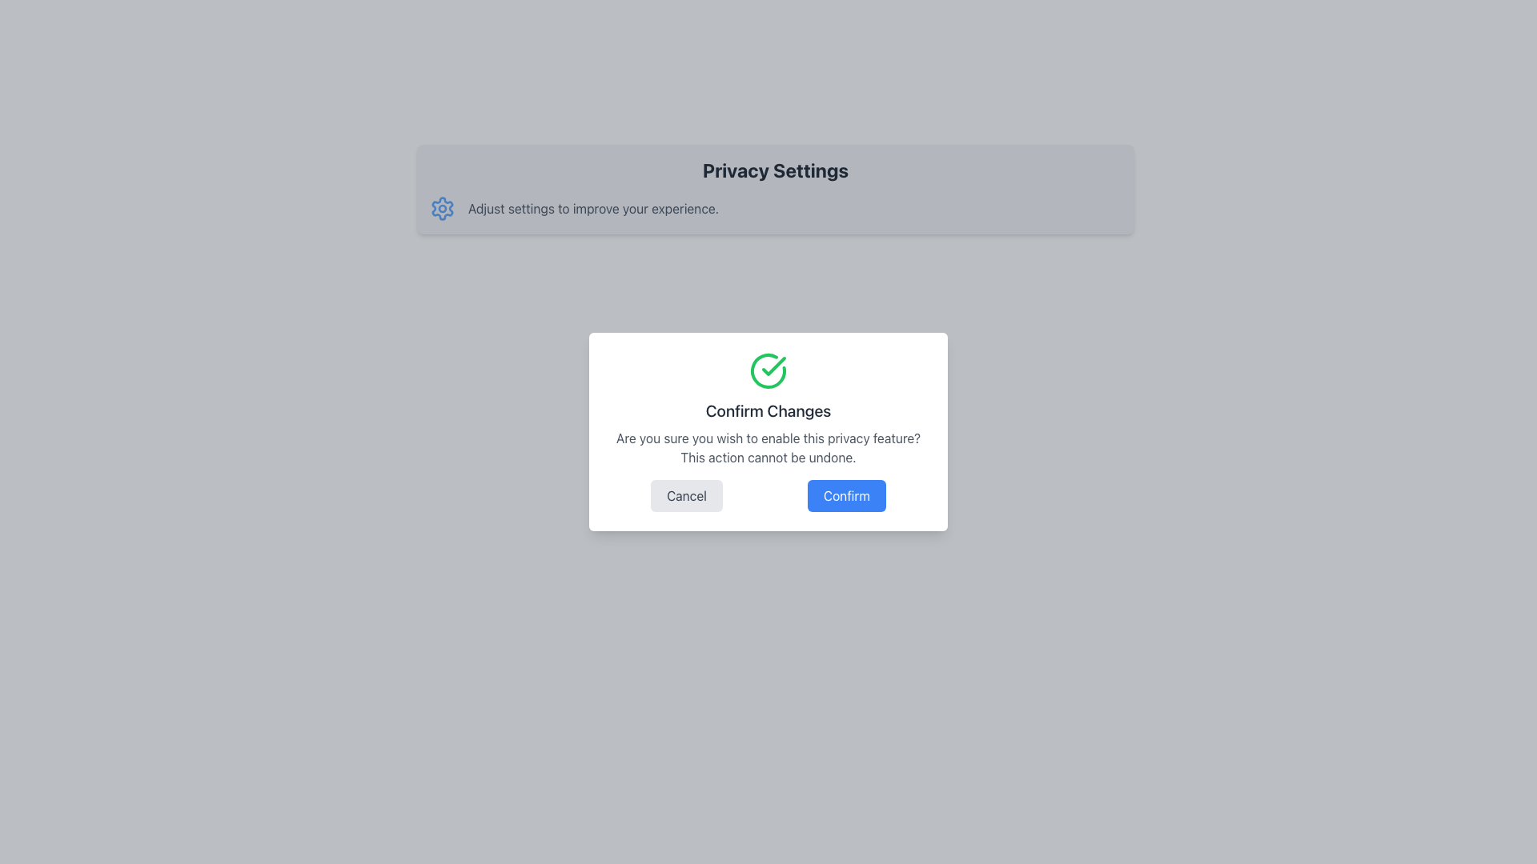 Image resolution: width=1537 pixels, height=864 pixels. What do you see at coordinates (768, 370) in the screenshot?
I see `the circular green icon with a checkmark symbol inside, located centrally in the confirmation dialog overlay` at bounding box center [768, 370].